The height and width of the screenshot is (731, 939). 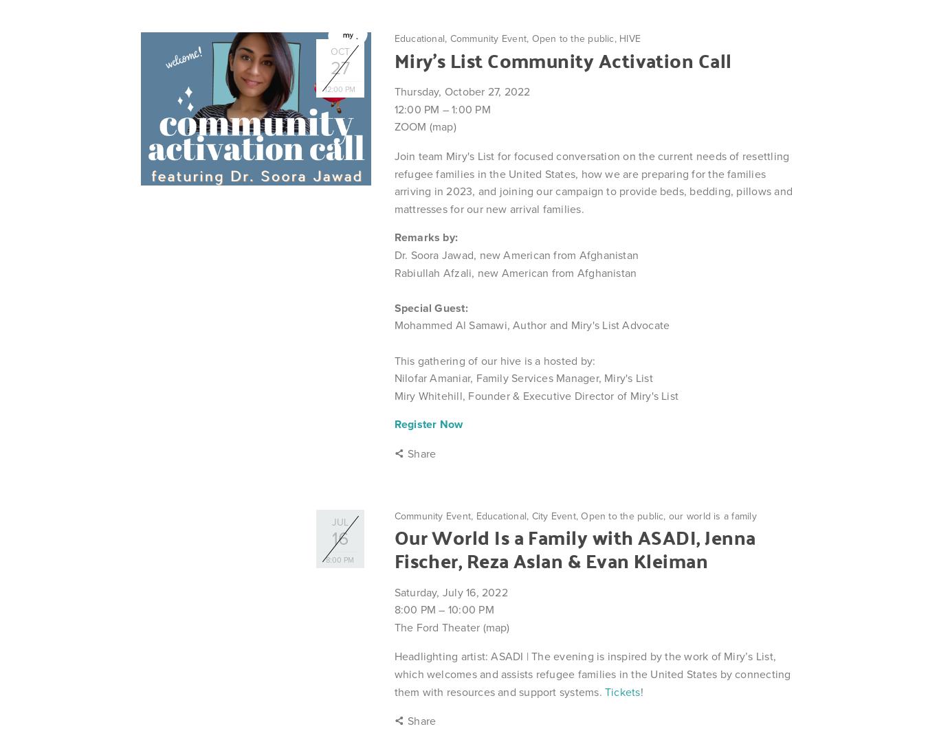 What do you see at coordinates (711, 515) in the screenshot?
I see `'our world is a family'` at bounding box center [711, 515].